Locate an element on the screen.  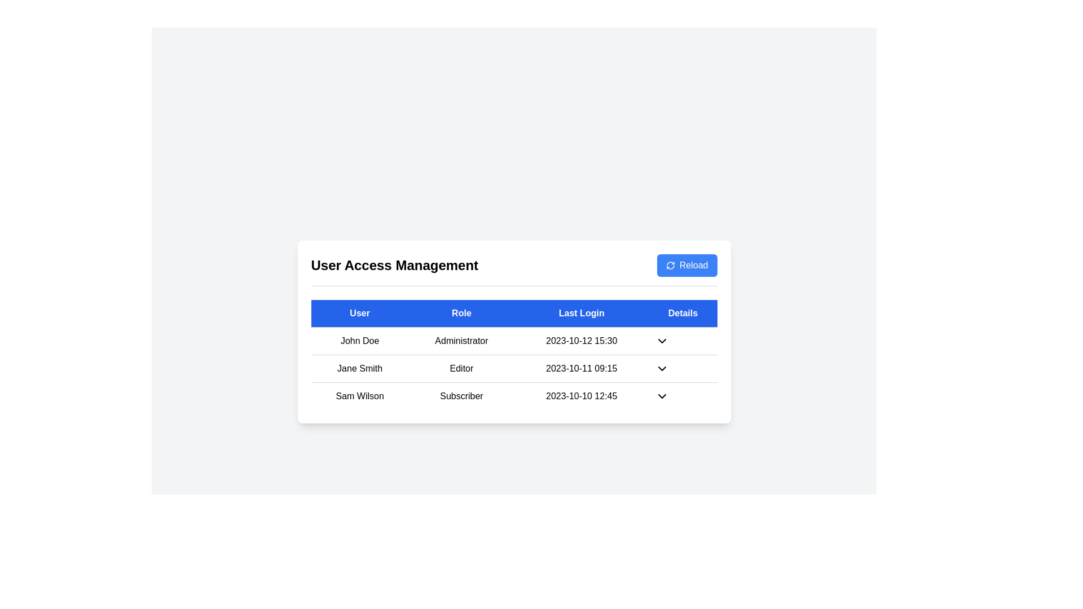
the table row containing the user 'Jane Smith' and the role 'Editor' in the second column is located at coordinates (513, 368).